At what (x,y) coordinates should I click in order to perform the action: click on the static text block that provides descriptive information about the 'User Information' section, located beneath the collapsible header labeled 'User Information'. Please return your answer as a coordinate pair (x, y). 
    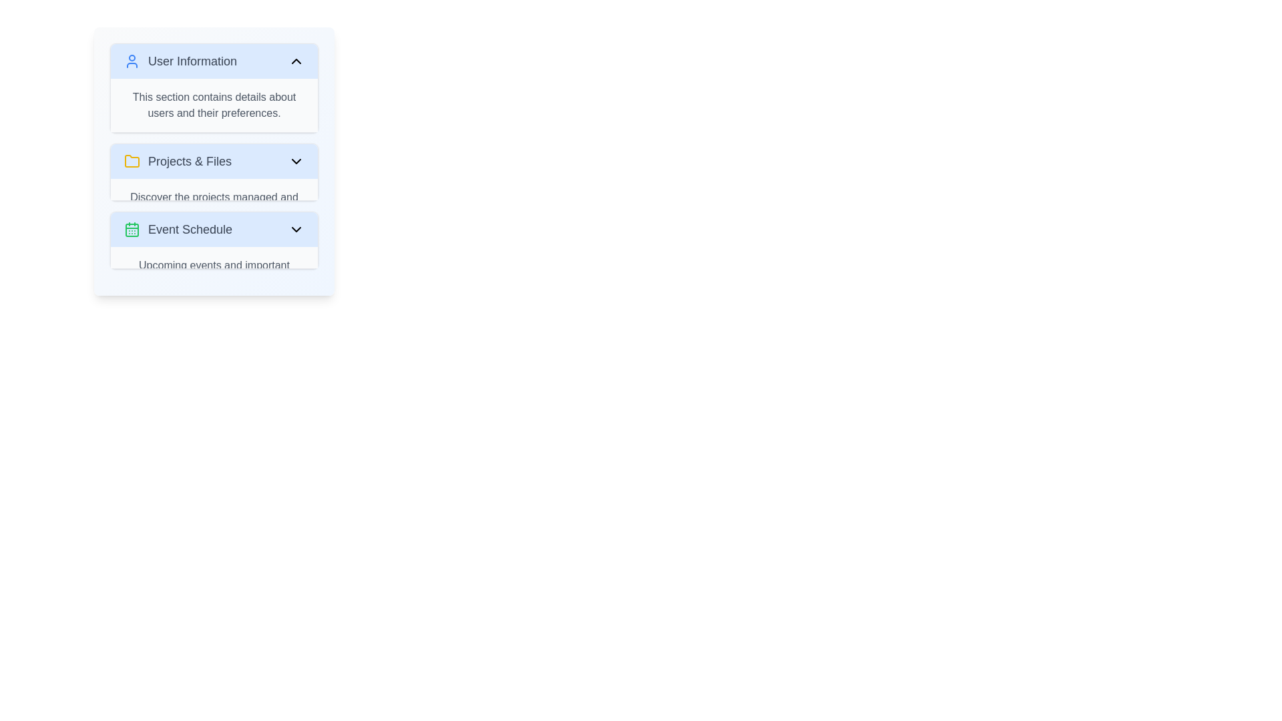
    Looking at the image, I should click on (214, 105).